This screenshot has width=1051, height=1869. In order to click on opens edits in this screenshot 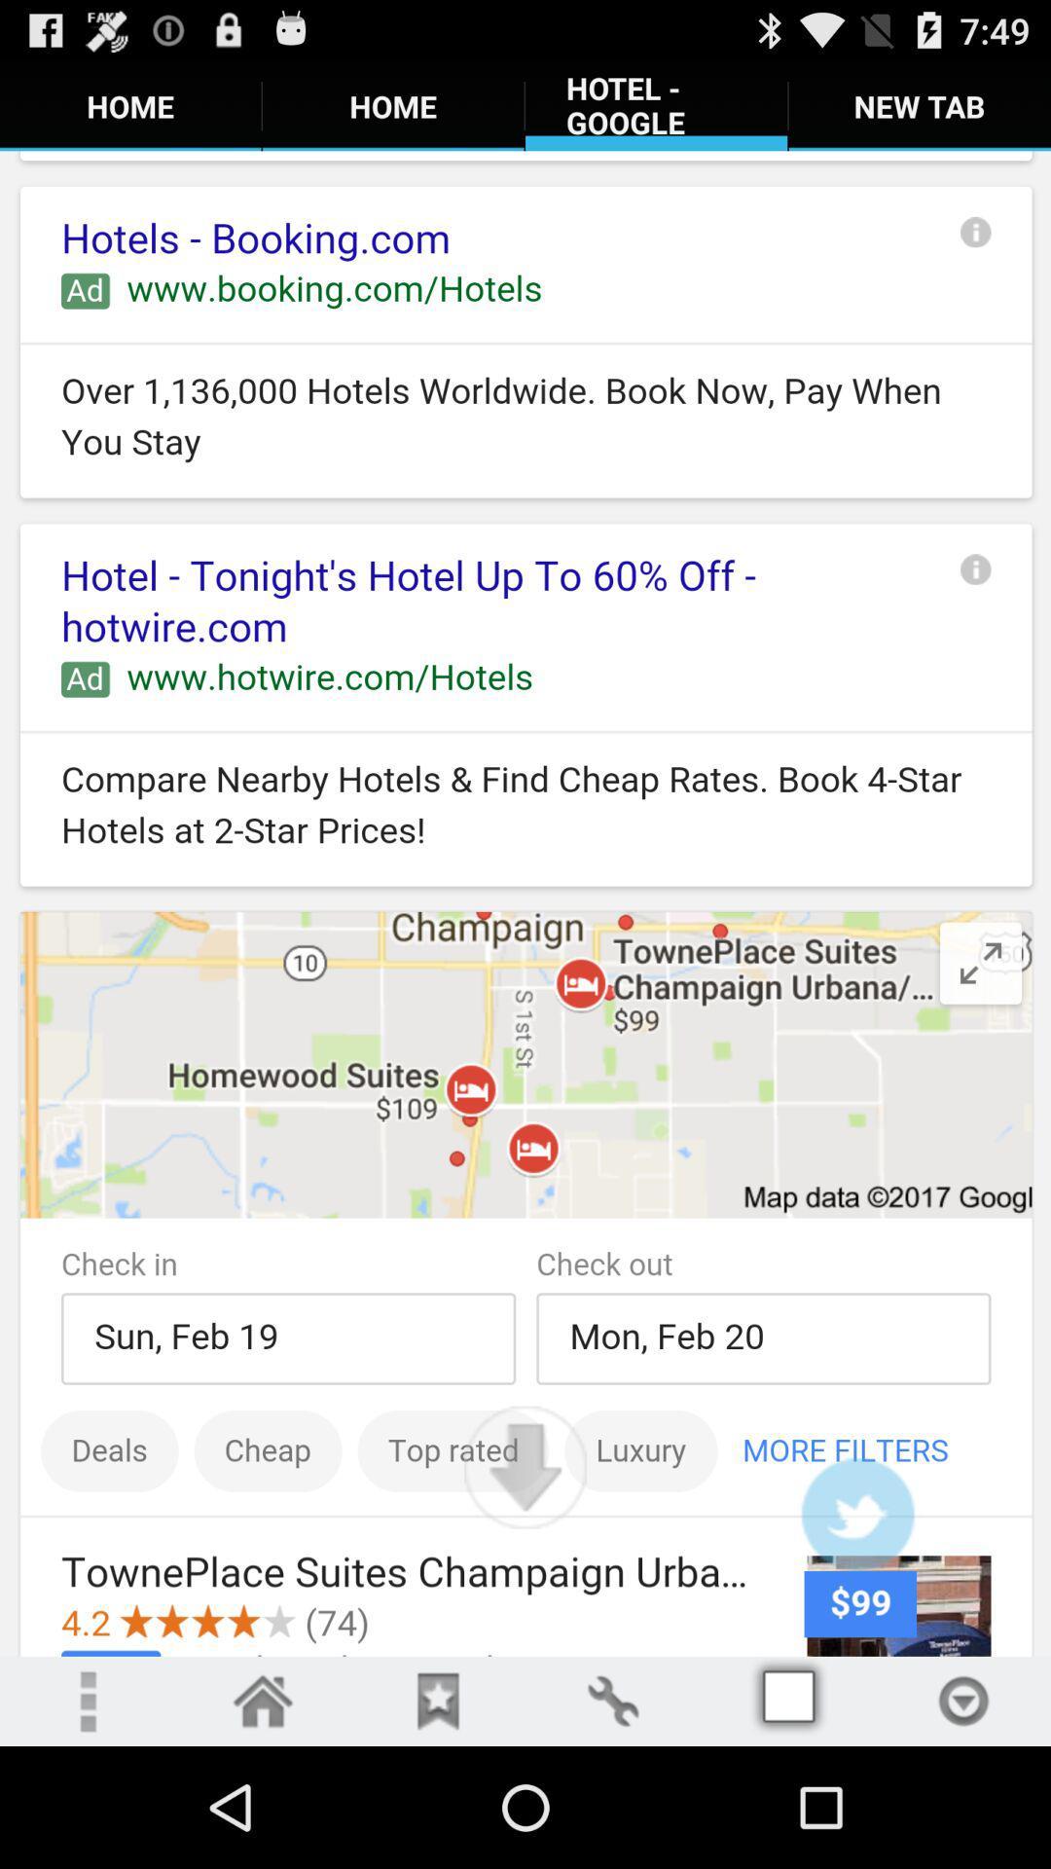, I will do `click(611, 1700)`.